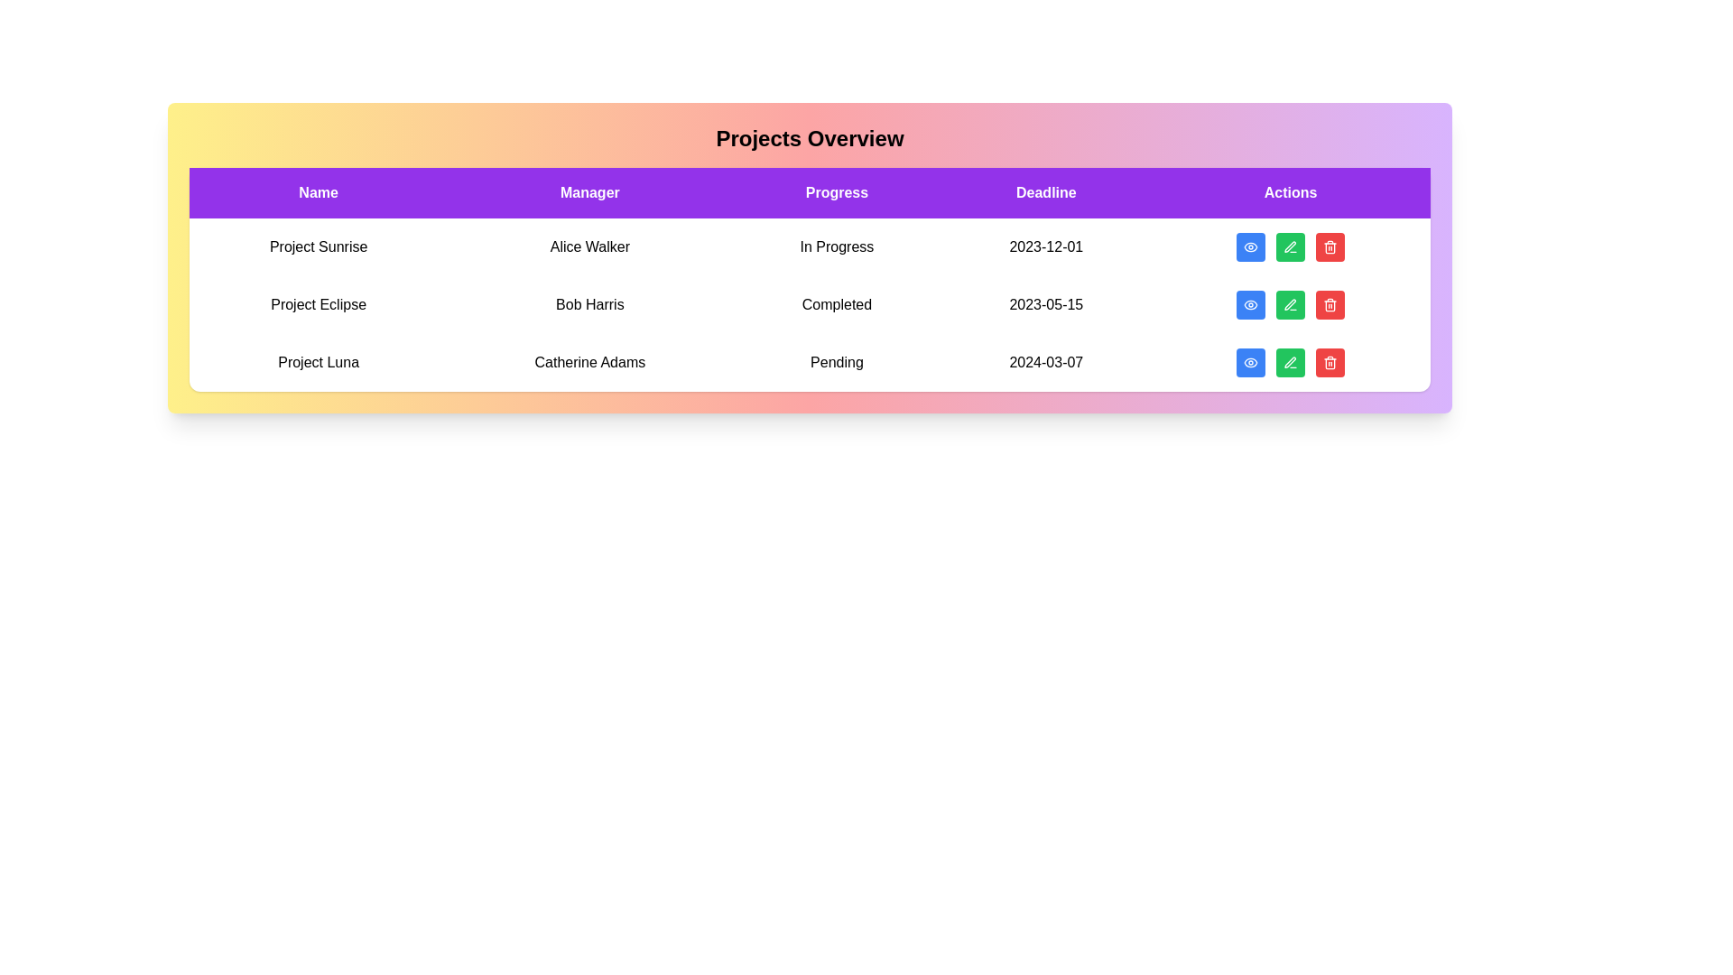  Describe the element at coordinates (1330, 304) in the screenshot. I see `delete button for the project named Project Eclipse` at that location.